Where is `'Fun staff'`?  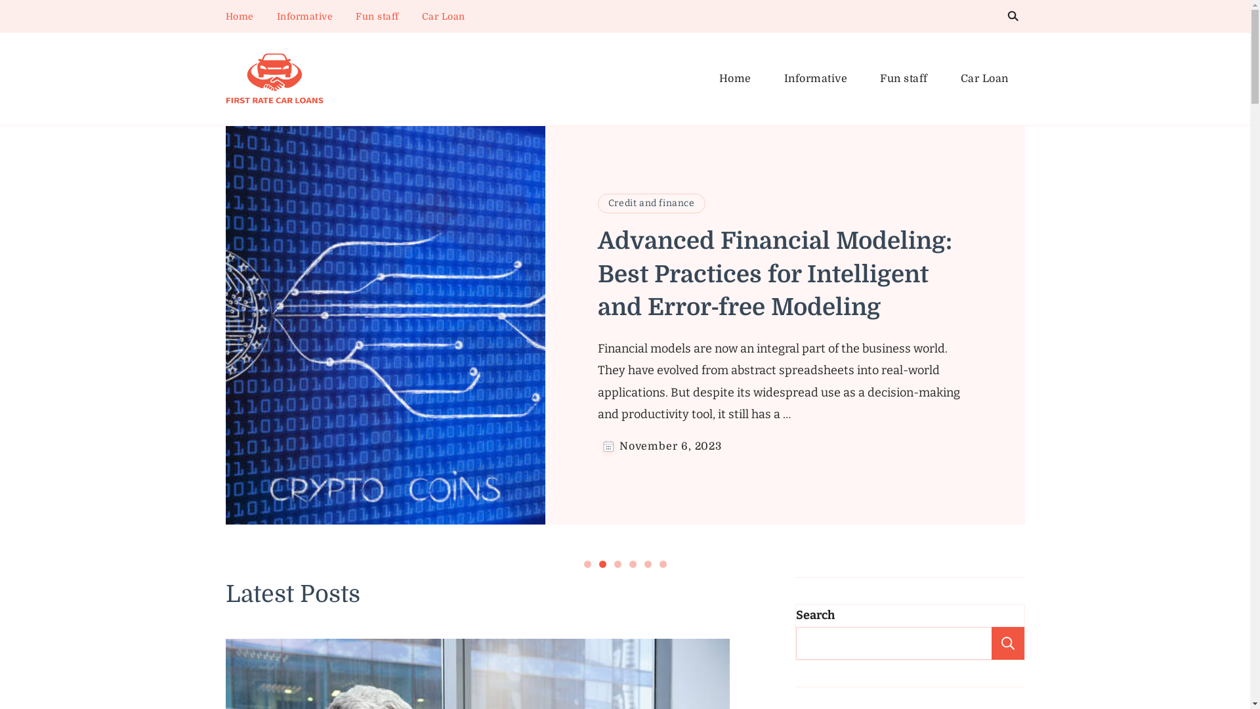
'Fun staff' is located at coordinates (863, 79).